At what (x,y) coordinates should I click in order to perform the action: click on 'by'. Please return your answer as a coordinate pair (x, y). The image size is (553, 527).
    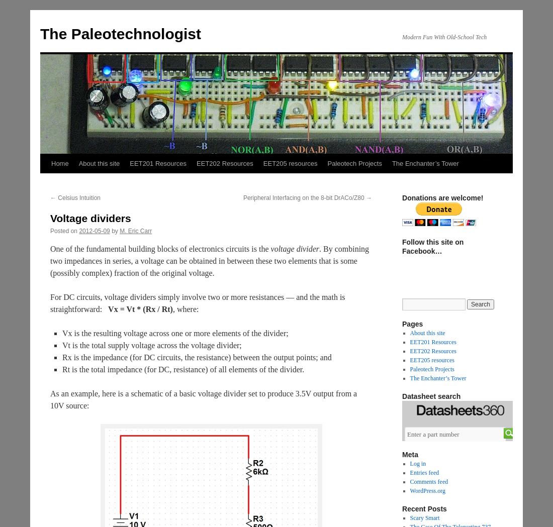
    Looking at the image, I should click on (115, 231).